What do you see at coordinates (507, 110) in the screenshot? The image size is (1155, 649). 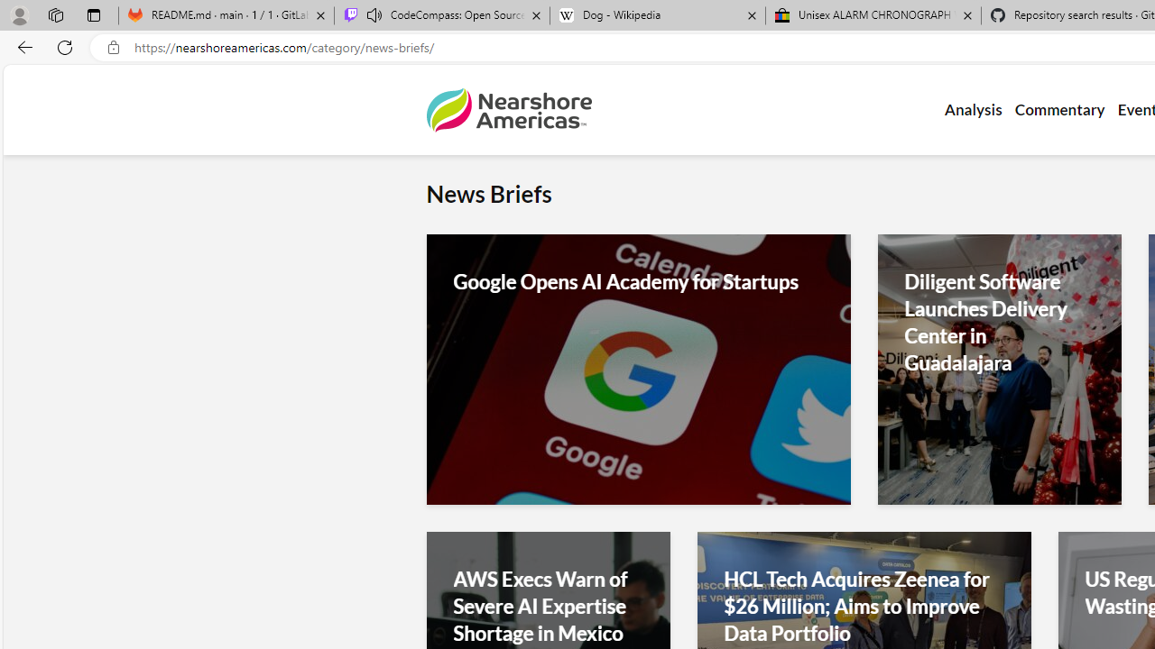 I see `'Nearshore Americas'` at bounding box center [507, 110].